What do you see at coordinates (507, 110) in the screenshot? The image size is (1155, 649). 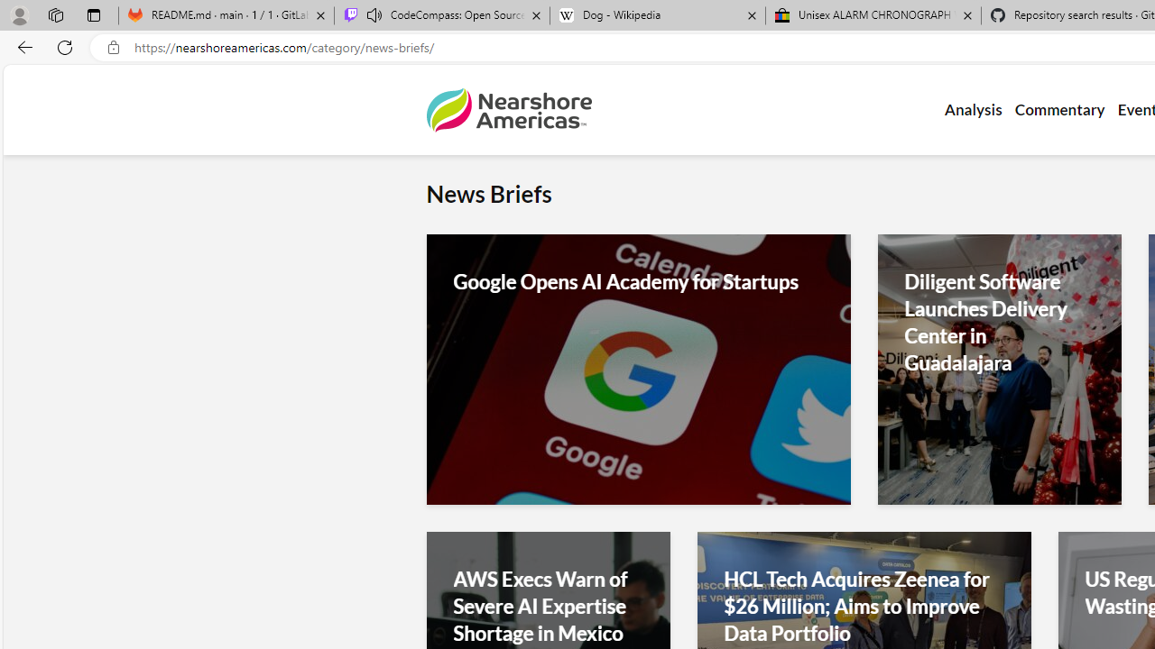 I see `'Nearshore Americas'` at bounding box center [507, 110].